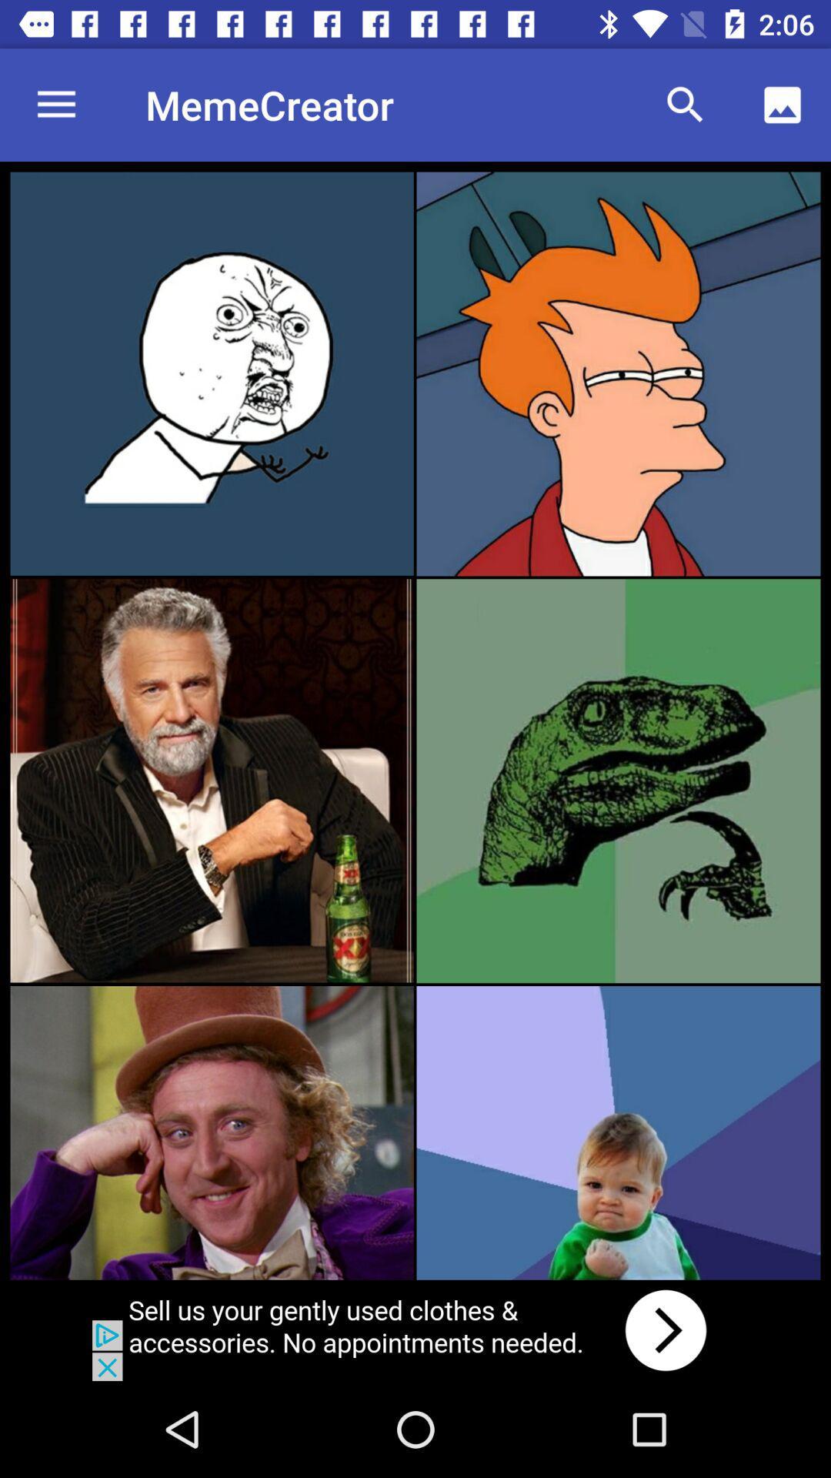 This screenshot has height=1478, width=831. I want to click on select, so click(212, 781).